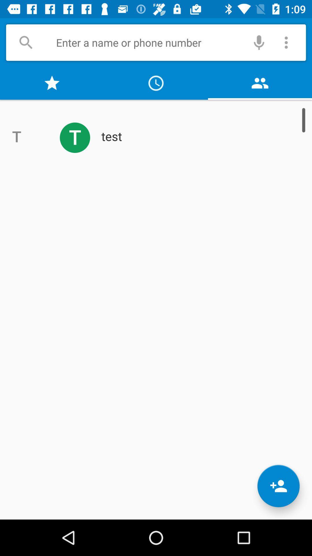  I want to click on the follow icon, so click(278, 486).